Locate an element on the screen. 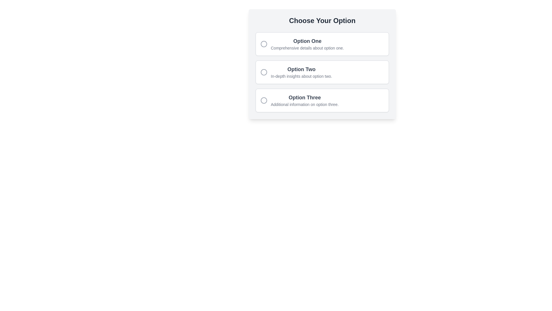 The width and height of the screenshot is (552, 311). the circular radio button located to the left of the 'Option One' text is located at coordinates (263, 44).